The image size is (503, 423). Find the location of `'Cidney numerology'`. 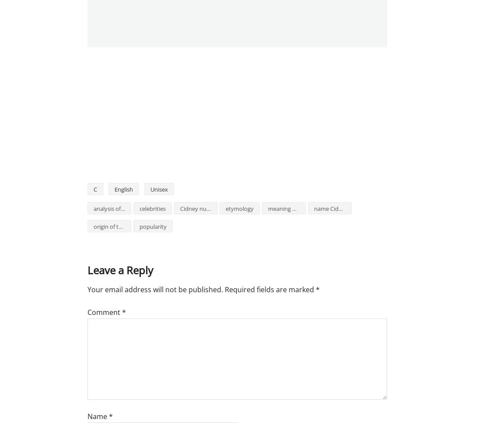

'Cidney numerology' is located at coordinates (205, 209).